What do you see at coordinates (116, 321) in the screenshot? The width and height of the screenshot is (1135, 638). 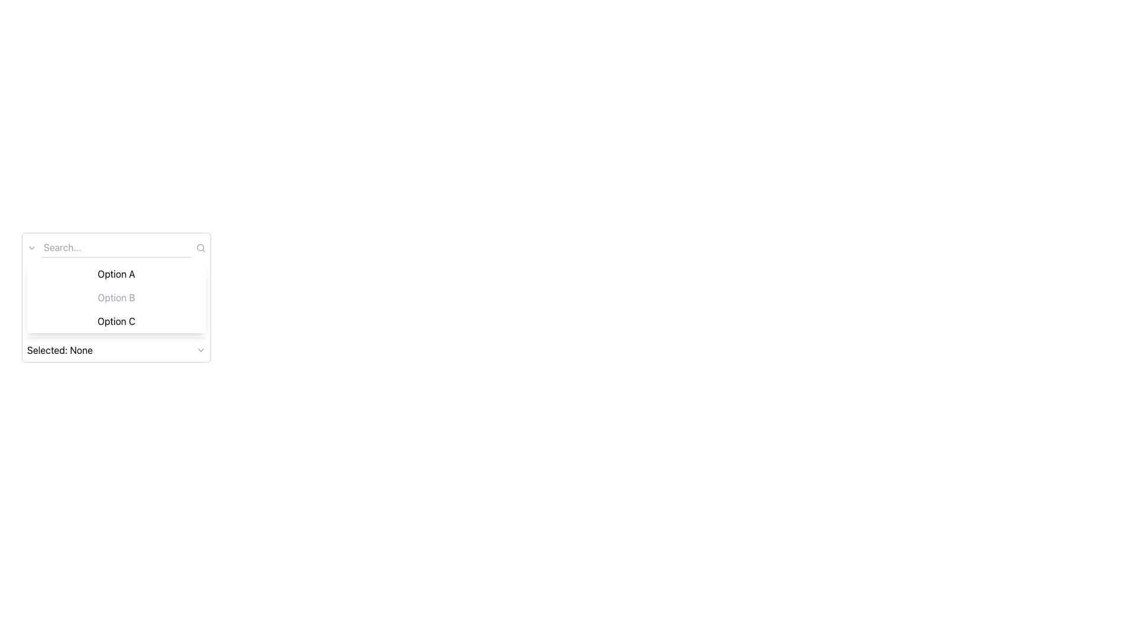 I see `the 'Option C' selectable list item, which is the third item in a dropdown list` at bounding box center [116, 321].